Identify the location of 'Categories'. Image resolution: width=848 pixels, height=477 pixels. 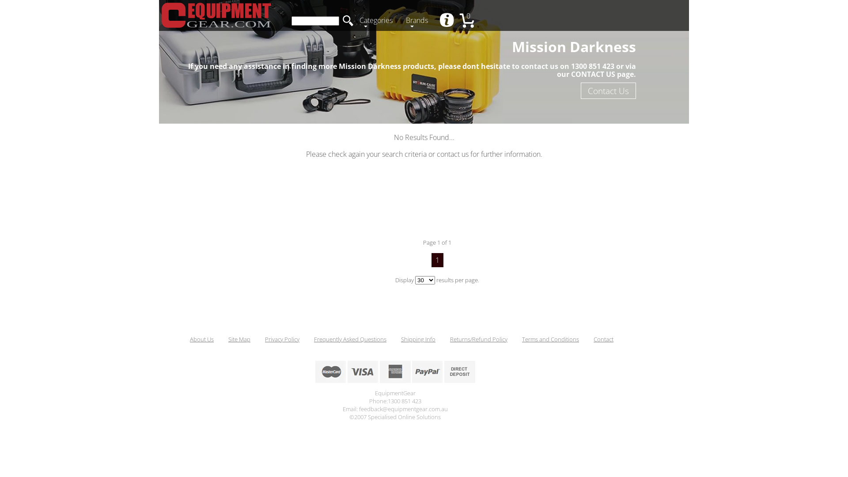
(378, 21).